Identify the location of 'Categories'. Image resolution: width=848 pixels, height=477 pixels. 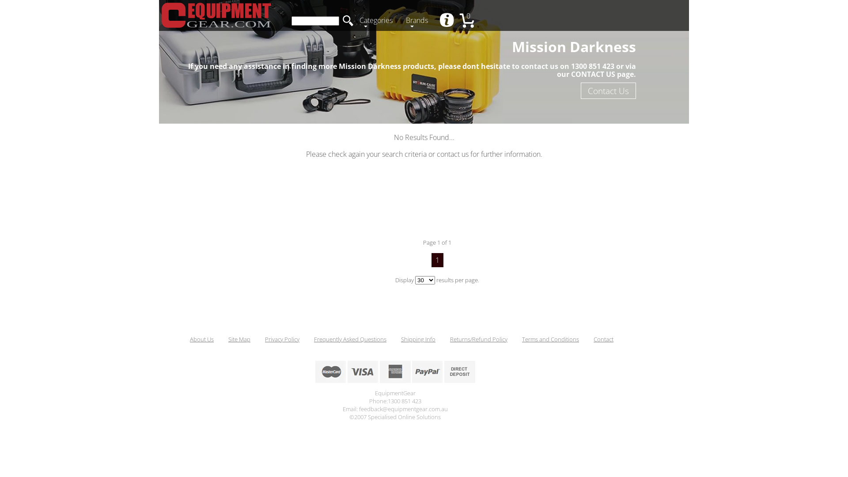
(378, 21).